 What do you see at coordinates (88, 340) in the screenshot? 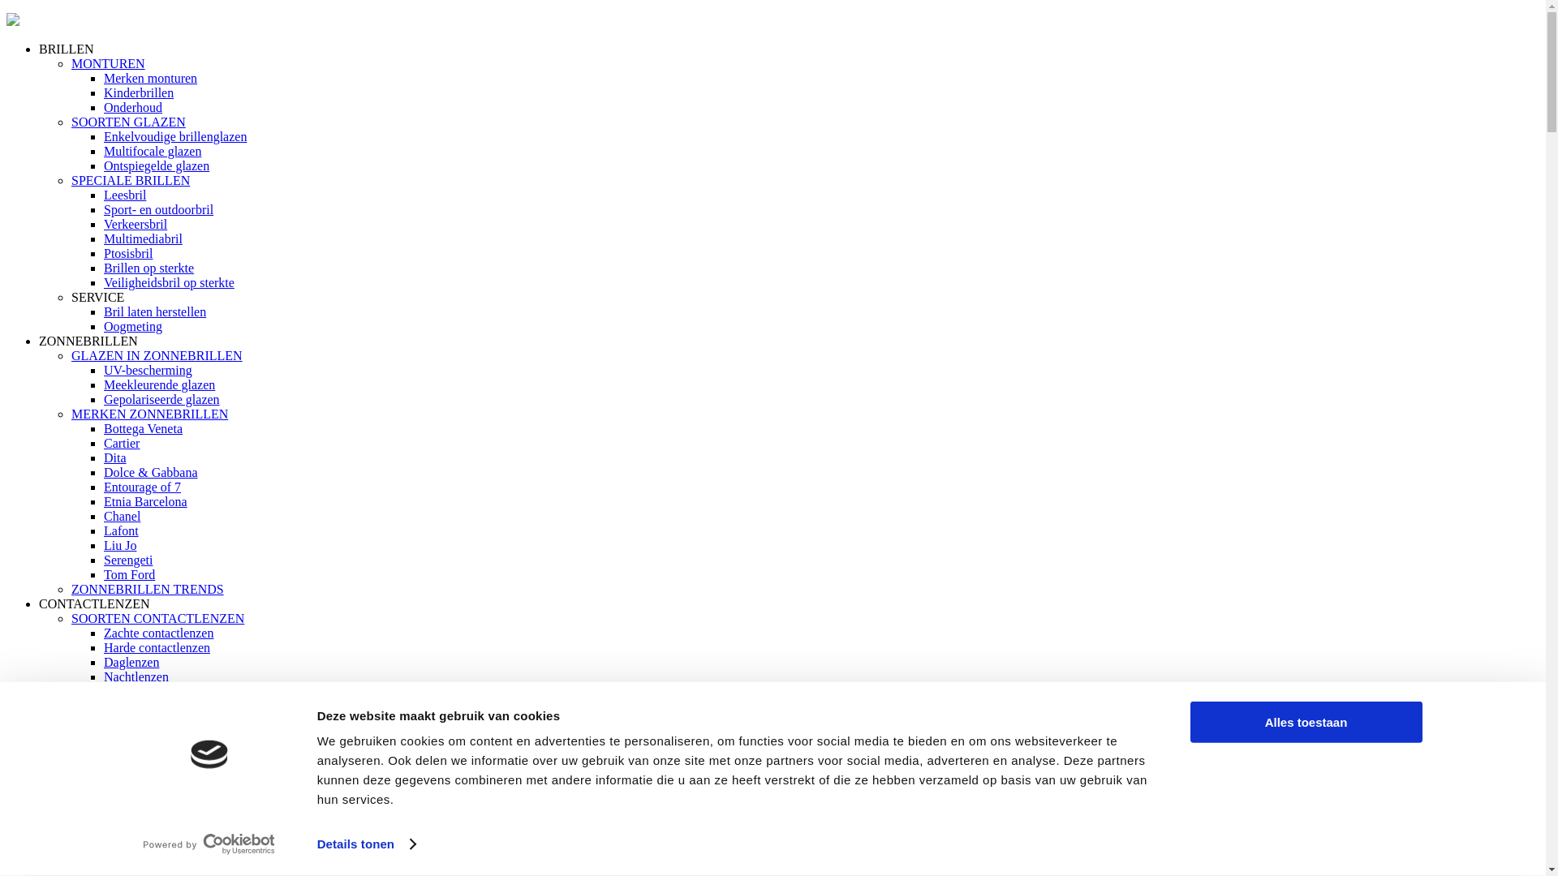
I see `'ZONNEBRILLEN'` at bounding box center [88, 340].